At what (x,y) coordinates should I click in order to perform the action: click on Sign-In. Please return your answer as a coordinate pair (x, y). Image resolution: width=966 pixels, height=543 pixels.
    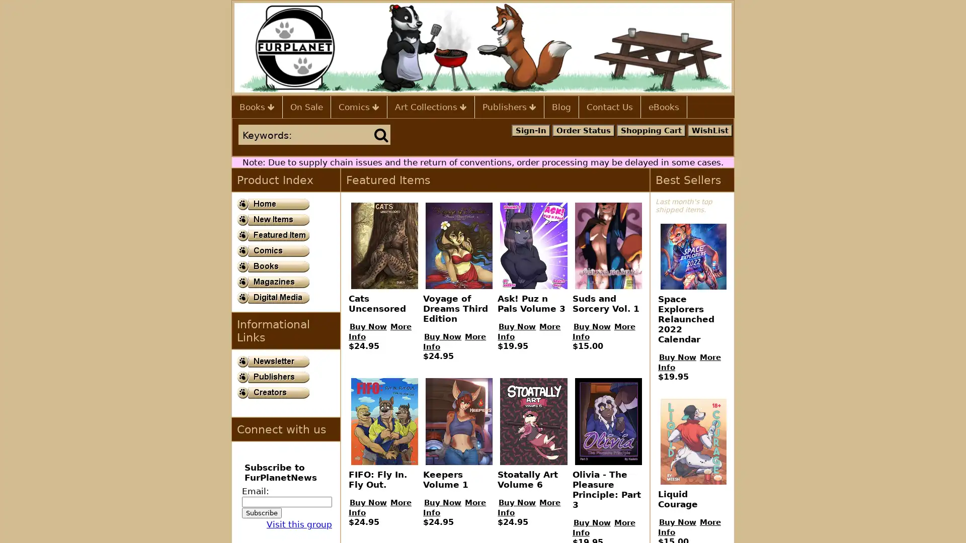
    Looking at the image, I should click on (530, 129).